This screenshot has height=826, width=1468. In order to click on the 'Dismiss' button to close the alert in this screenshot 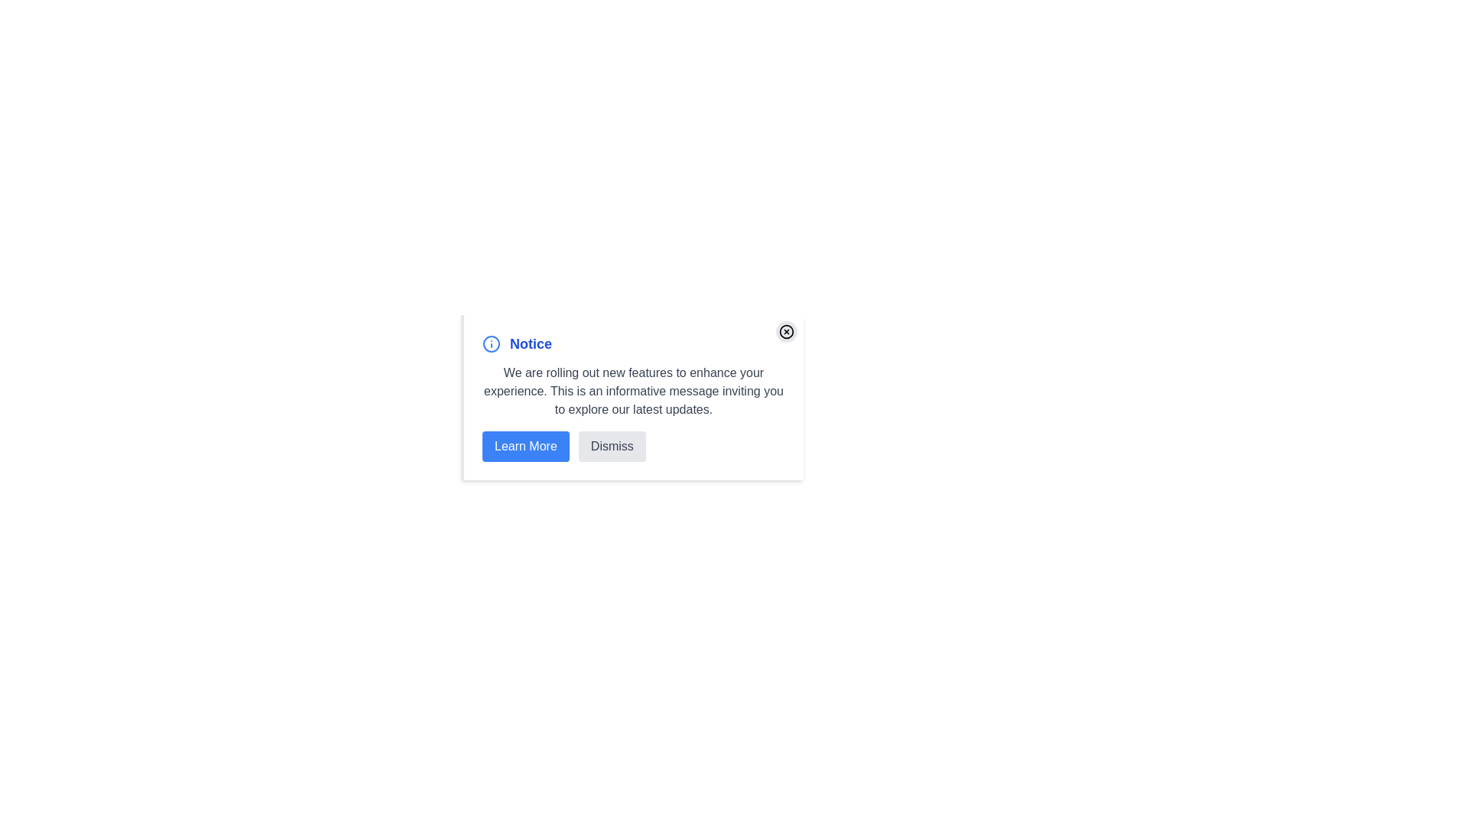, I will do `click(612, 446)`.